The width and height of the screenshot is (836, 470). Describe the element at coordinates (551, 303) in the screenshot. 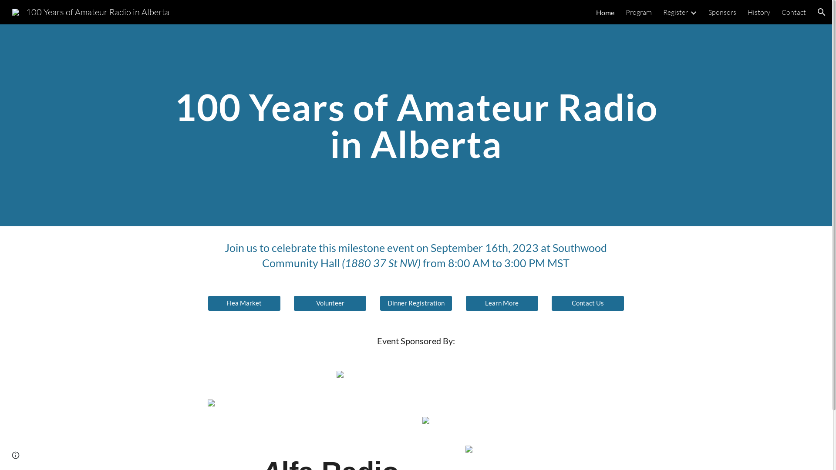

I see `'Contact Us'` at that location.